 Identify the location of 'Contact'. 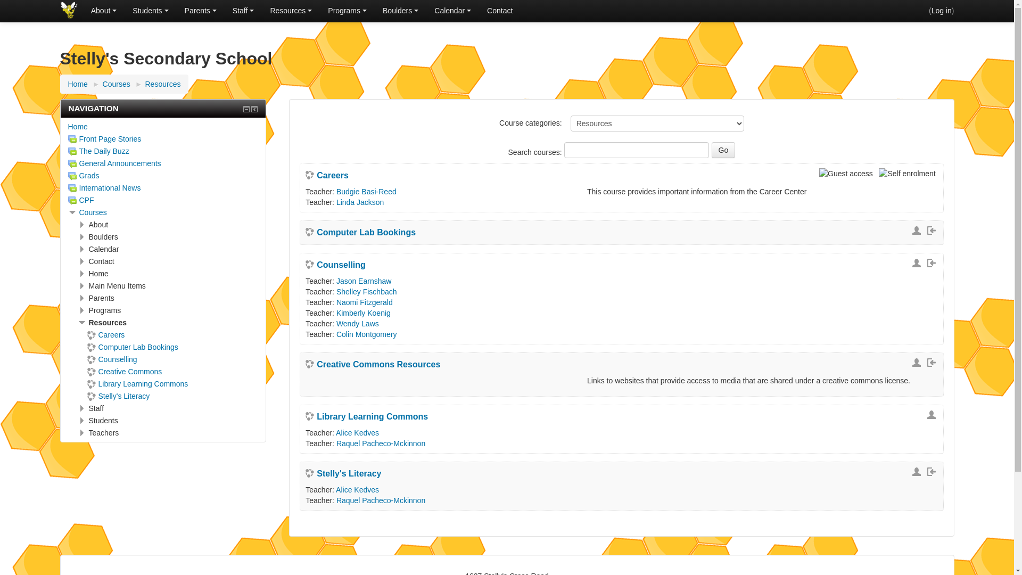
(499, 10).